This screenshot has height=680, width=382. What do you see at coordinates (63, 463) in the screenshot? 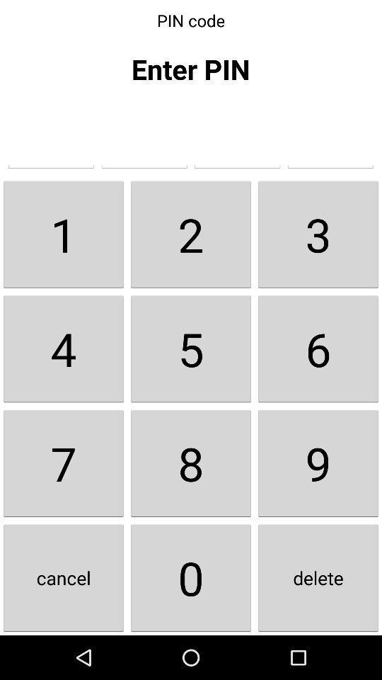
I see `item above the cancel icon` at bounding box center [63, 463].